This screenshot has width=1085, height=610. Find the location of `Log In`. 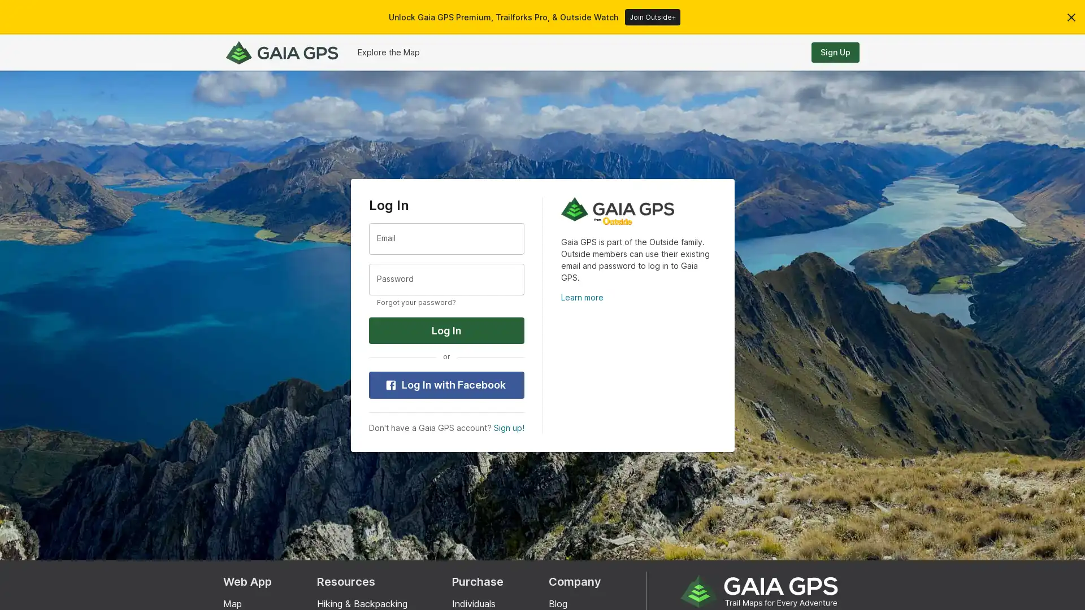

Log In is located at coordinates (445, 330).